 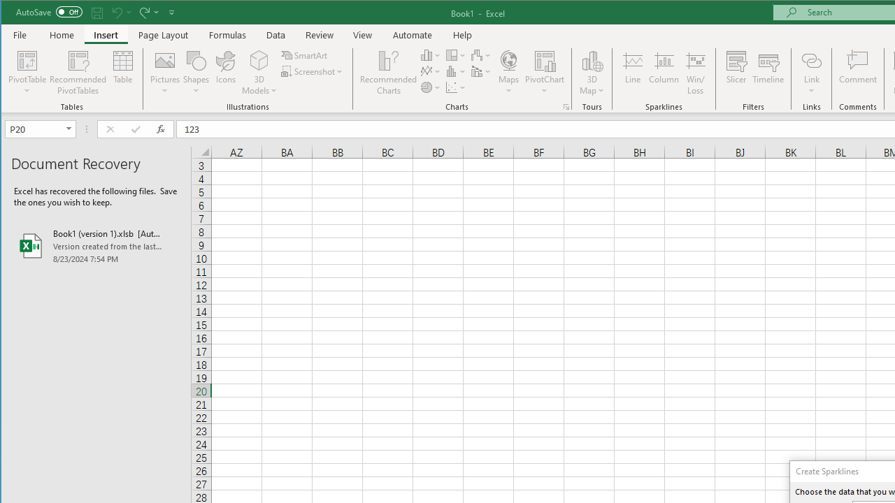 What do you see at coordinates (430, 87) in the screenshot?
I see `'Insert Pie or Doughnut Chart'` at bounding box center [430, 87].